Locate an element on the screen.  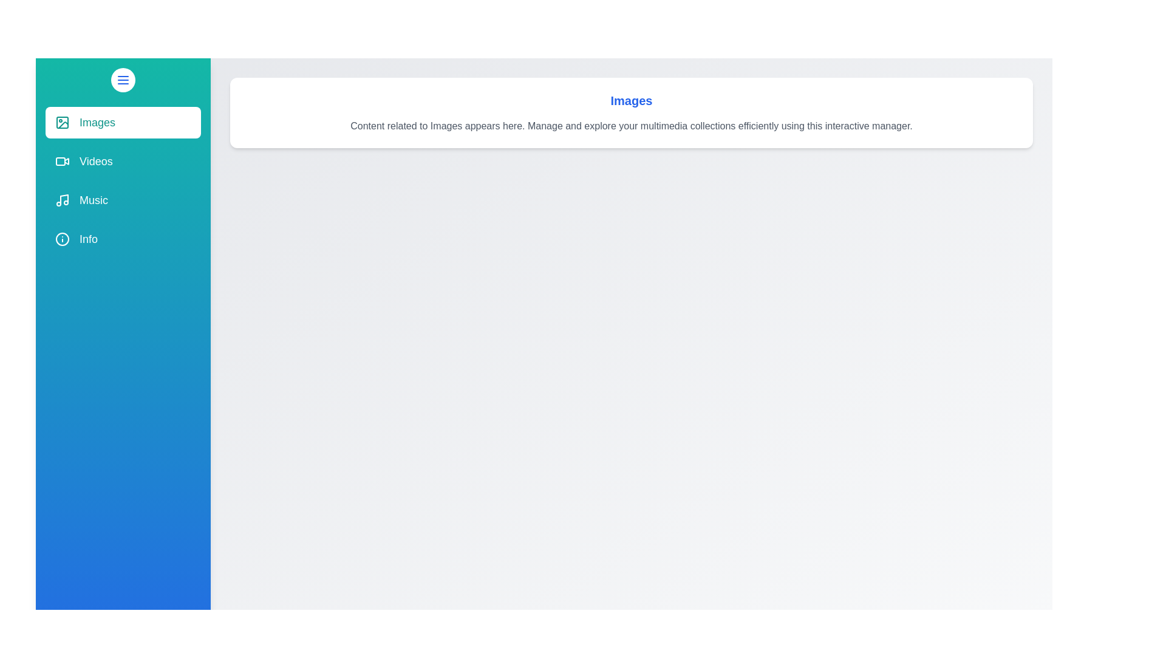
the section Videos to select it is located at coordinates (123, 161).